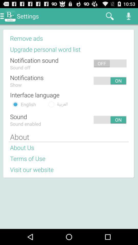 The image size is (138, 245). I want to click on choose english language, so click(15, 104).